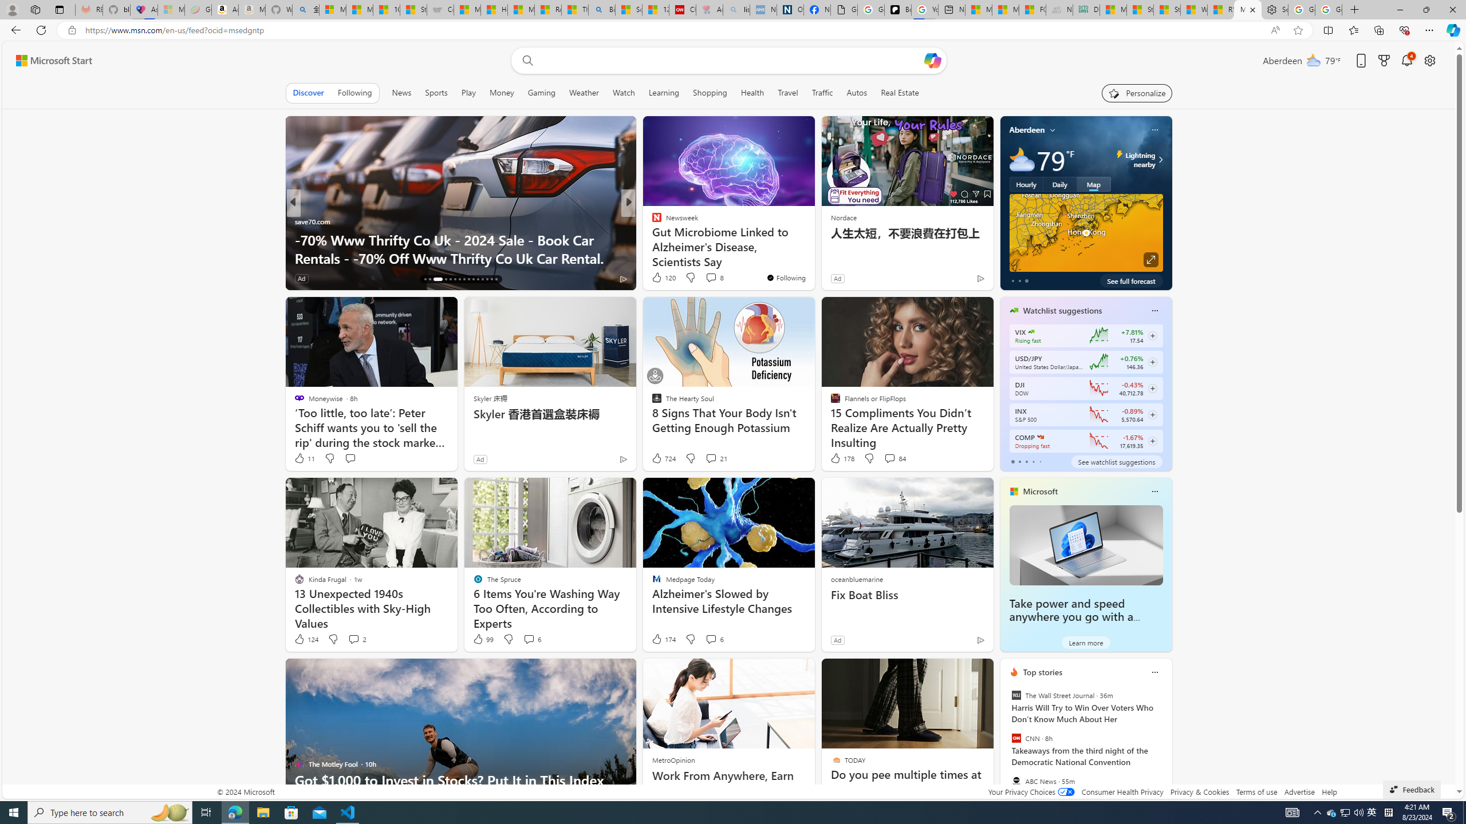 The image size is (1466, 824). What do you see at coordinates (841, 458) in the screenshot?
I see `'178 Like'` at bounding box center [841, 458].